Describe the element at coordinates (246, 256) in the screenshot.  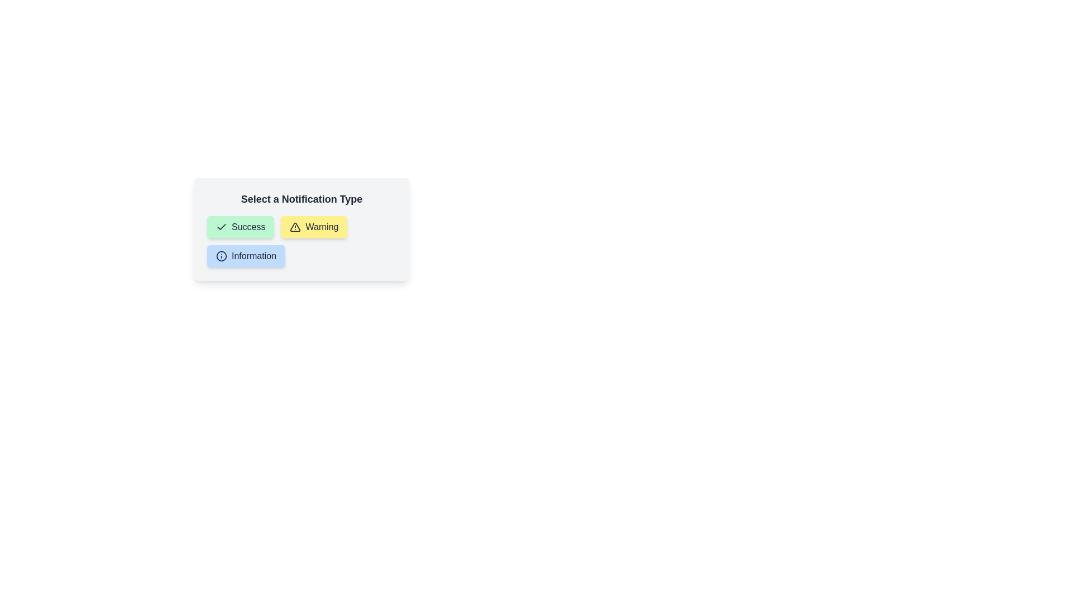
I see `the chip labeled Information` at that location.